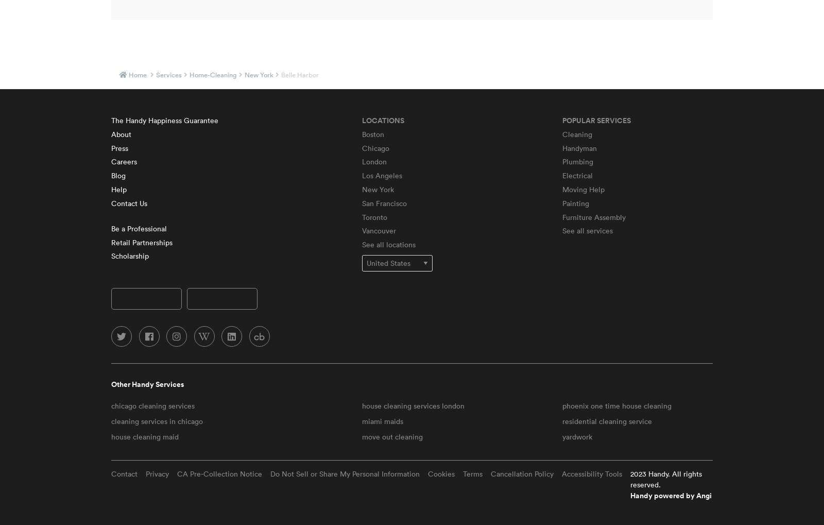  I want to click on 'miami maids', so click(382, 421).